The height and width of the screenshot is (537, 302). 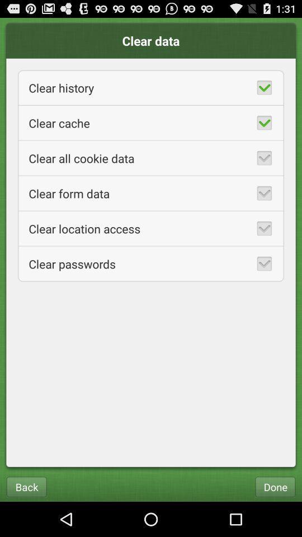 I want to click on the item at the bottom left corner, so click(x=26, y=486).